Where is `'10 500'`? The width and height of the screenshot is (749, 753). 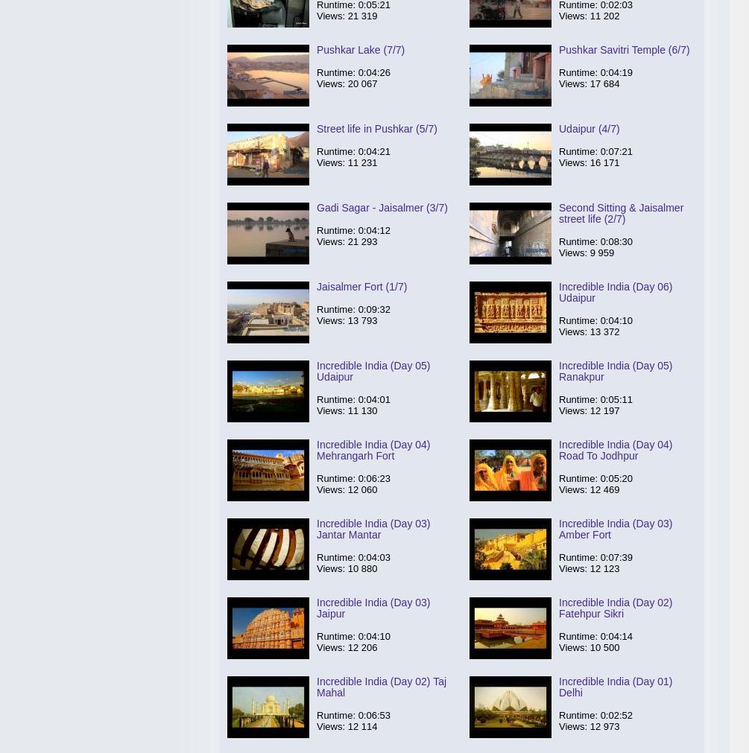
'10 500' is located at coordinates (604, 647).